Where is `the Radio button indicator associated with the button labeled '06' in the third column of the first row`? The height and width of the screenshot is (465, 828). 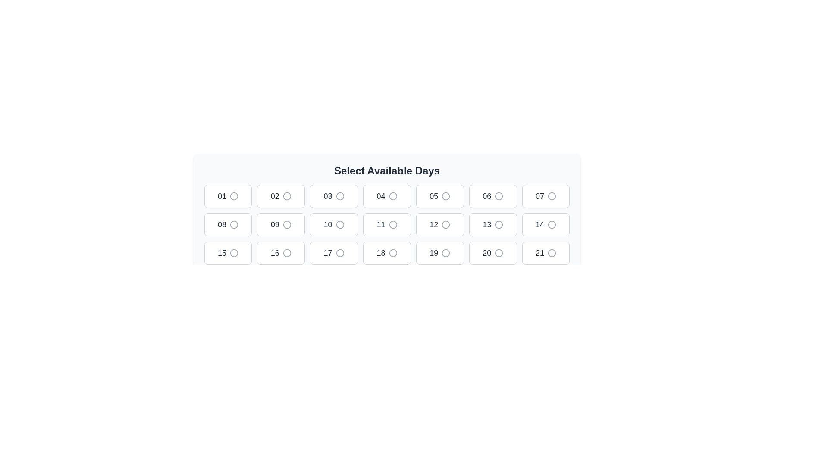
the Radio button indicator associated with the button labeled '06' in the third column of the first row is located at coordinates (499, 196).